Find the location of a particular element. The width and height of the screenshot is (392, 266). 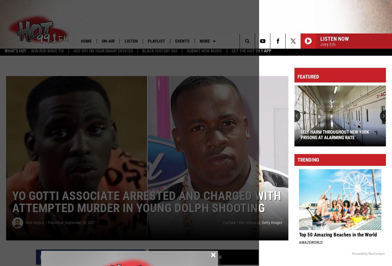

'Yo Gotti Associate Arrested and Charged With Attempted Murder in Young Dolph Shooting' is located at coordinates (146, 205).